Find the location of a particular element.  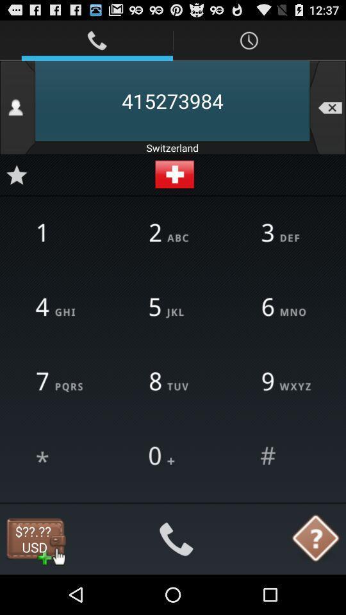

the number and letters present in third row third column is located at coordinates (285, 382).